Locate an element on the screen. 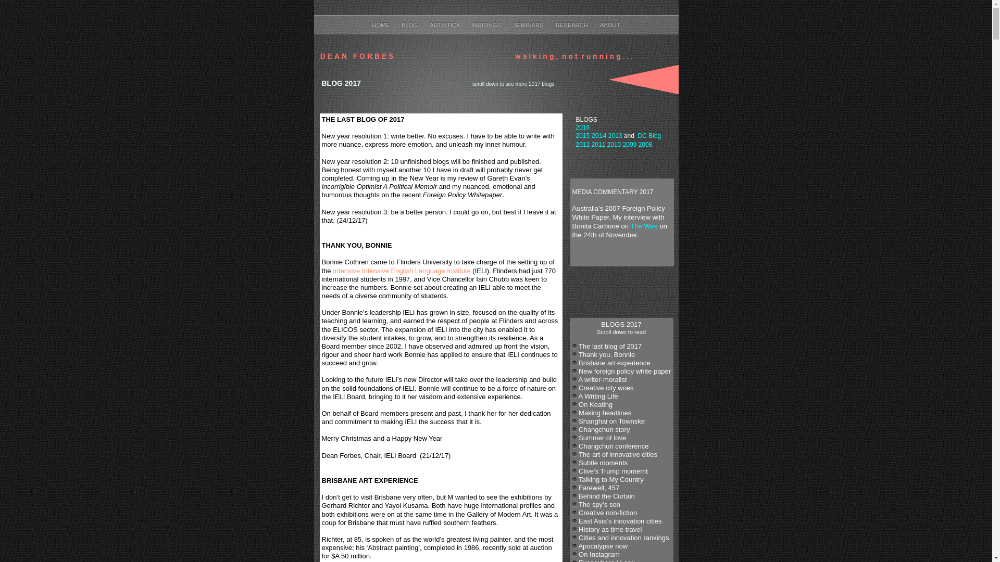  '2015' is located at coordinates (582, 135).